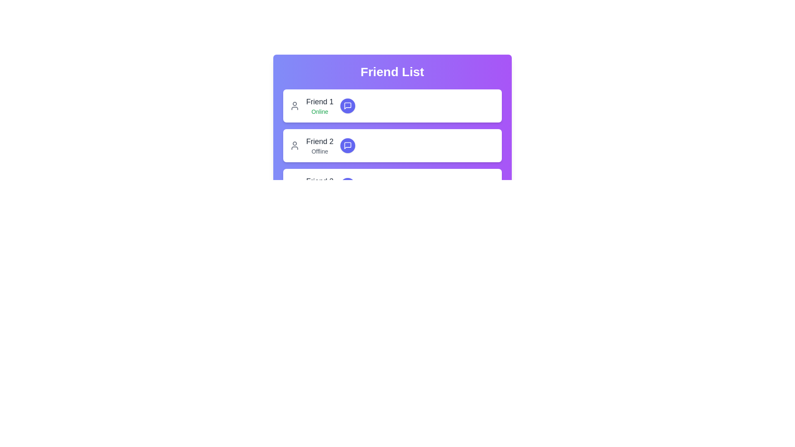 The width and height of the screenshot is (795, 447). What do you see at coordinates (392, 145) in the screenshot?
I see `the List Item with Embedded Button displaying 'Friend 2' and 'Offline'` at bounding box center [392, 145].